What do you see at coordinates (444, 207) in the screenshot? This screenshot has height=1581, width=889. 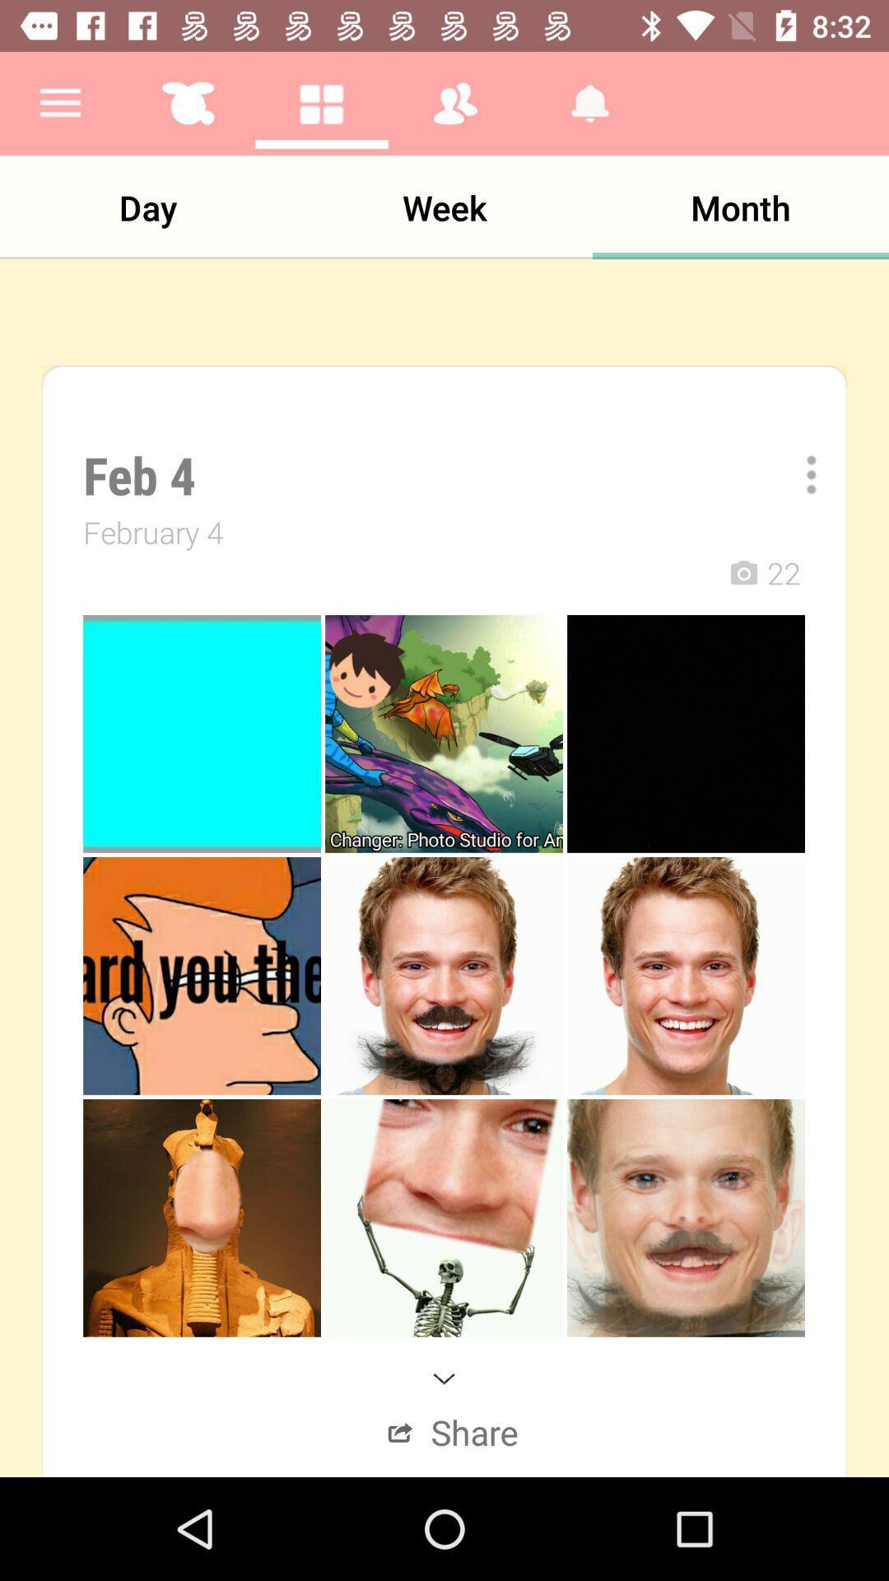 I see `the item to the left of the month icon` at bounding box center [444, 207].